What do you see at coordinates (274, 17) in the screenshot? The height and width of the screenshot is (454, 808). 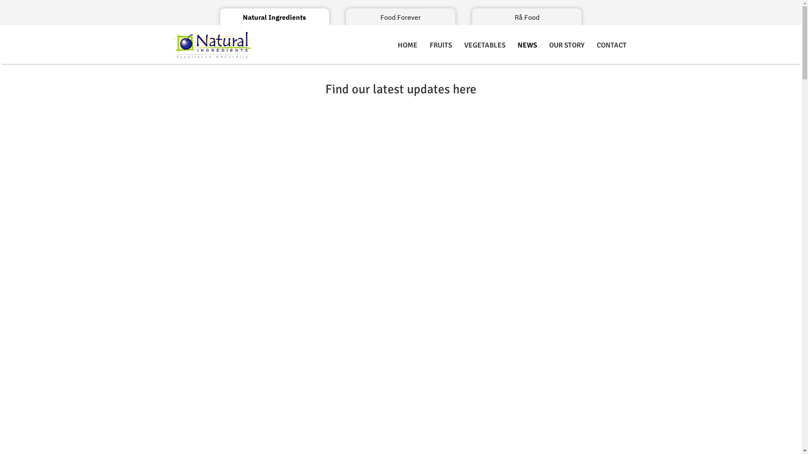 I see `'Natural Ingredients'` at bounding box center [274, 17].